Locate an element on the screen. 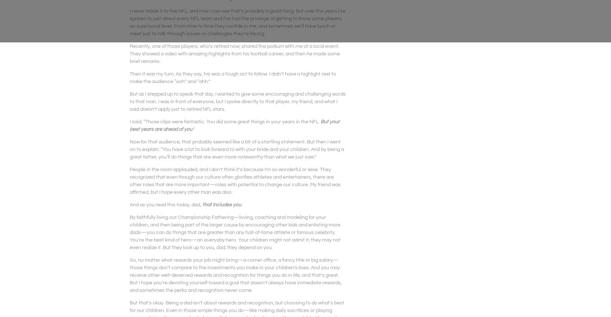  'Recently, one of those players, who’s retired now, shared the podium with me at a local event. They showed a video with amazing highlights from his football career, and then he made some brief remarks.' is located at coordinates (235, 53).